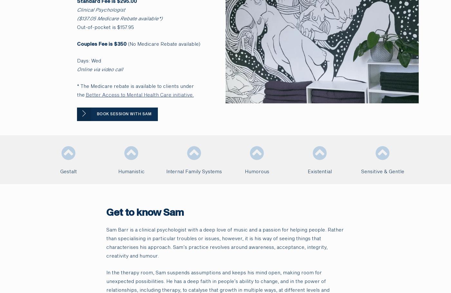  What do you see at coordinates (97, 114) in the screenshot?
I see `'Book session with Sam'` at bounding box center [97, 114].